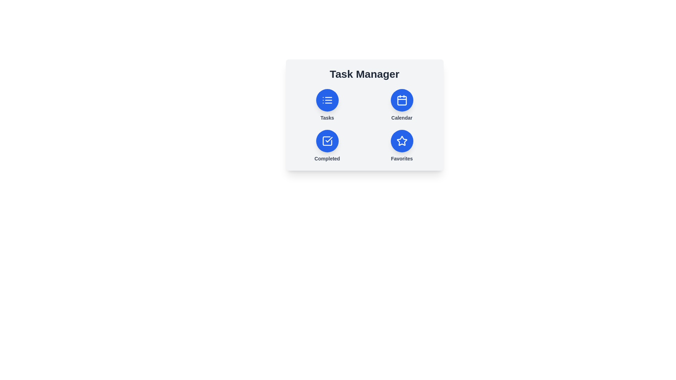 The width and height of the screenshot is (676, 380). Describe the element at coordinates (327, 141) in the screenshot. I see `the blue circular icon button with a white outlined square and check mark inside` at that location.